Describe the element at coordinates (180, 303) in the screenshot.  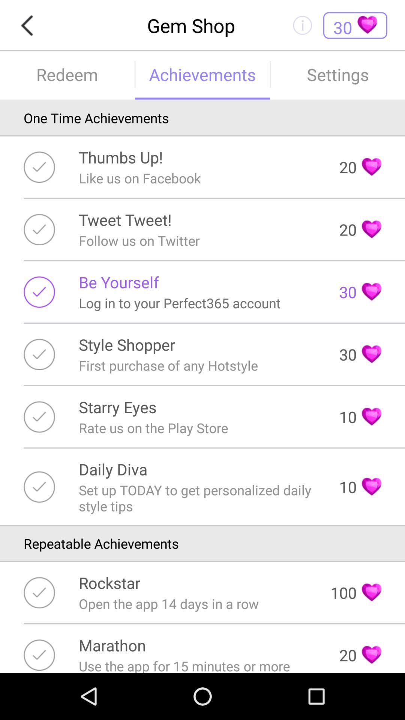
I see `the item below be yourself` at that location.